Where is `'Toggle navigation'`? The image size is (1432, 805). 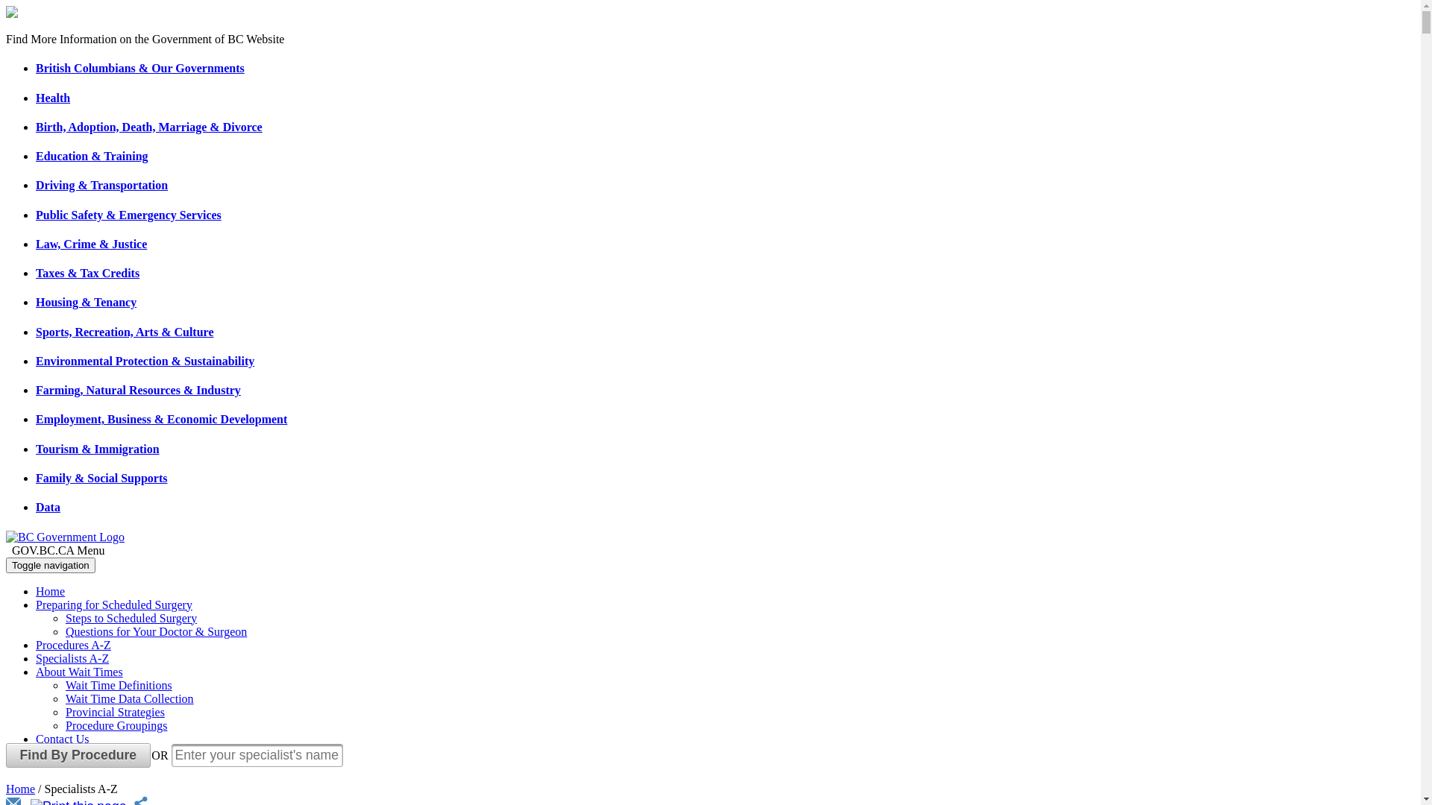
'Toggle navigation' is located at coordinates (50, 565).